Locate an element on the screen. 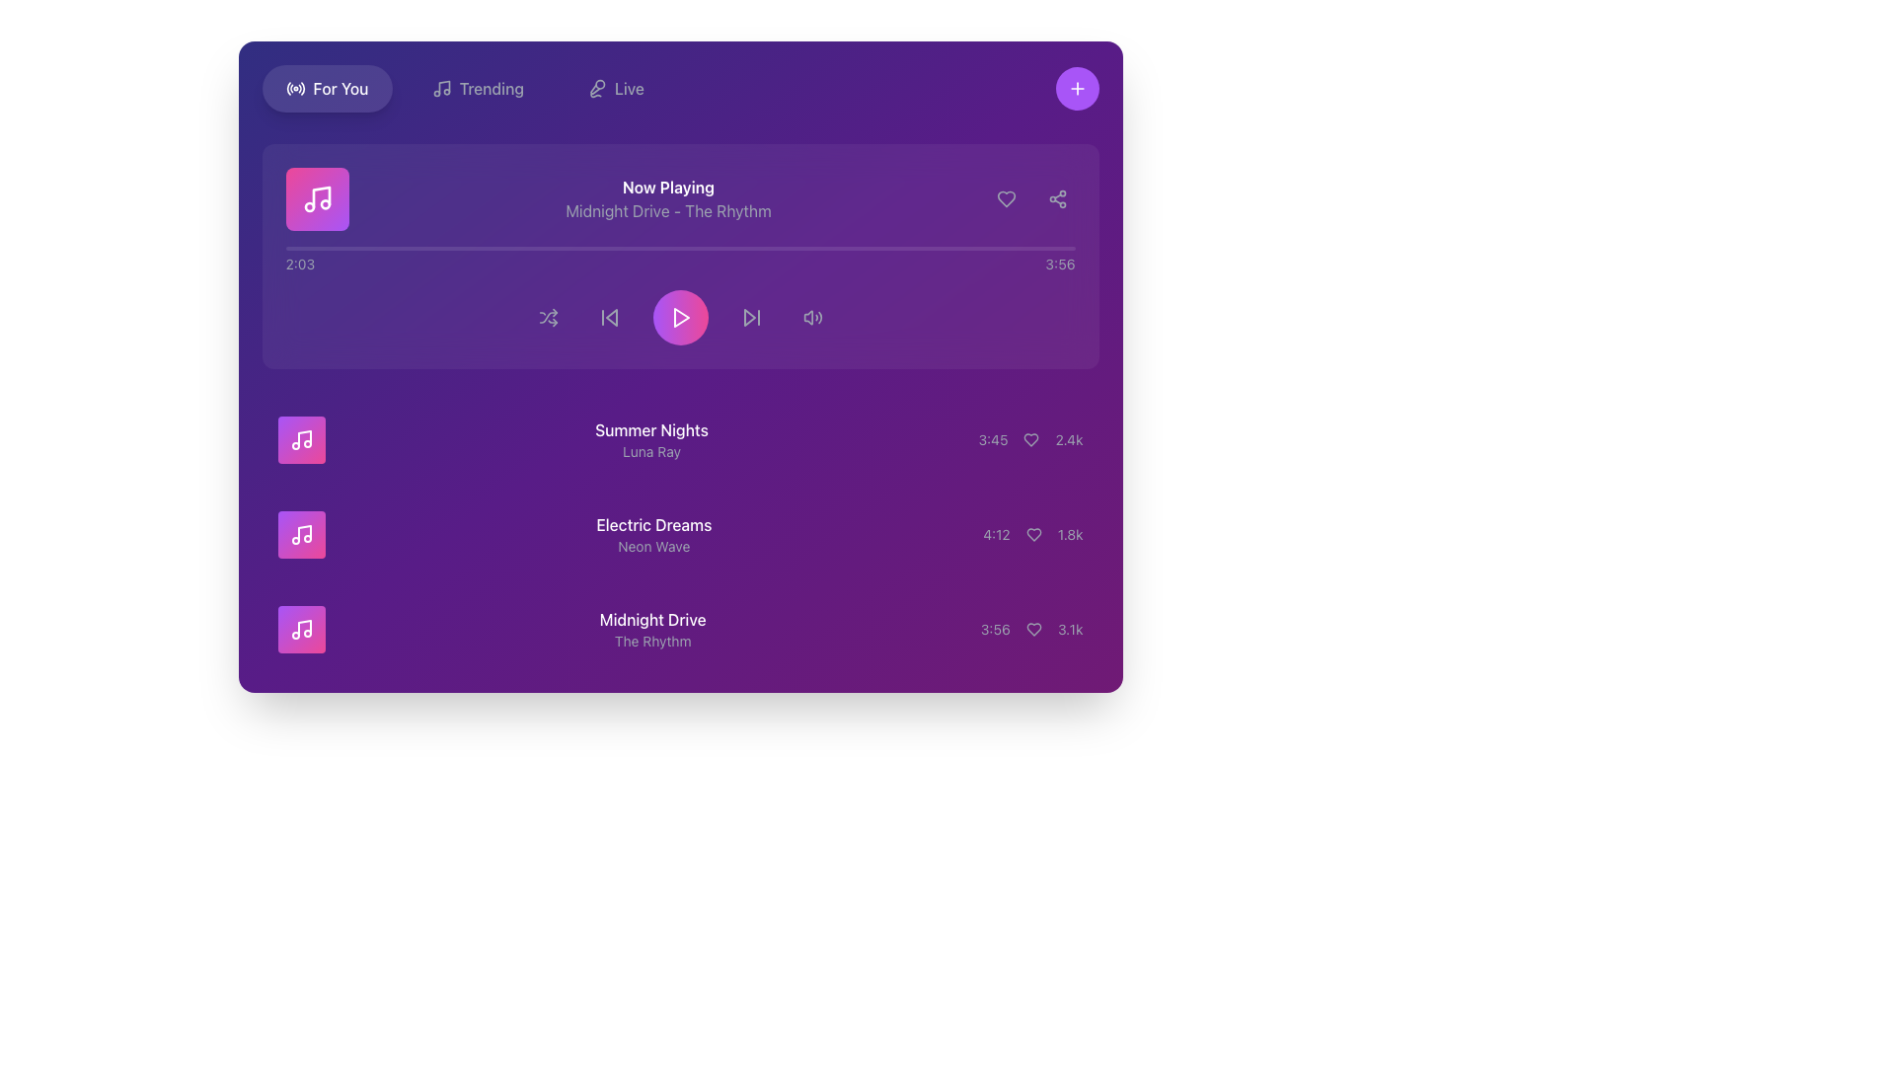 The image size is (1895, 1066). the 'Summer Nights' text label is located at coordinates (651, 439).